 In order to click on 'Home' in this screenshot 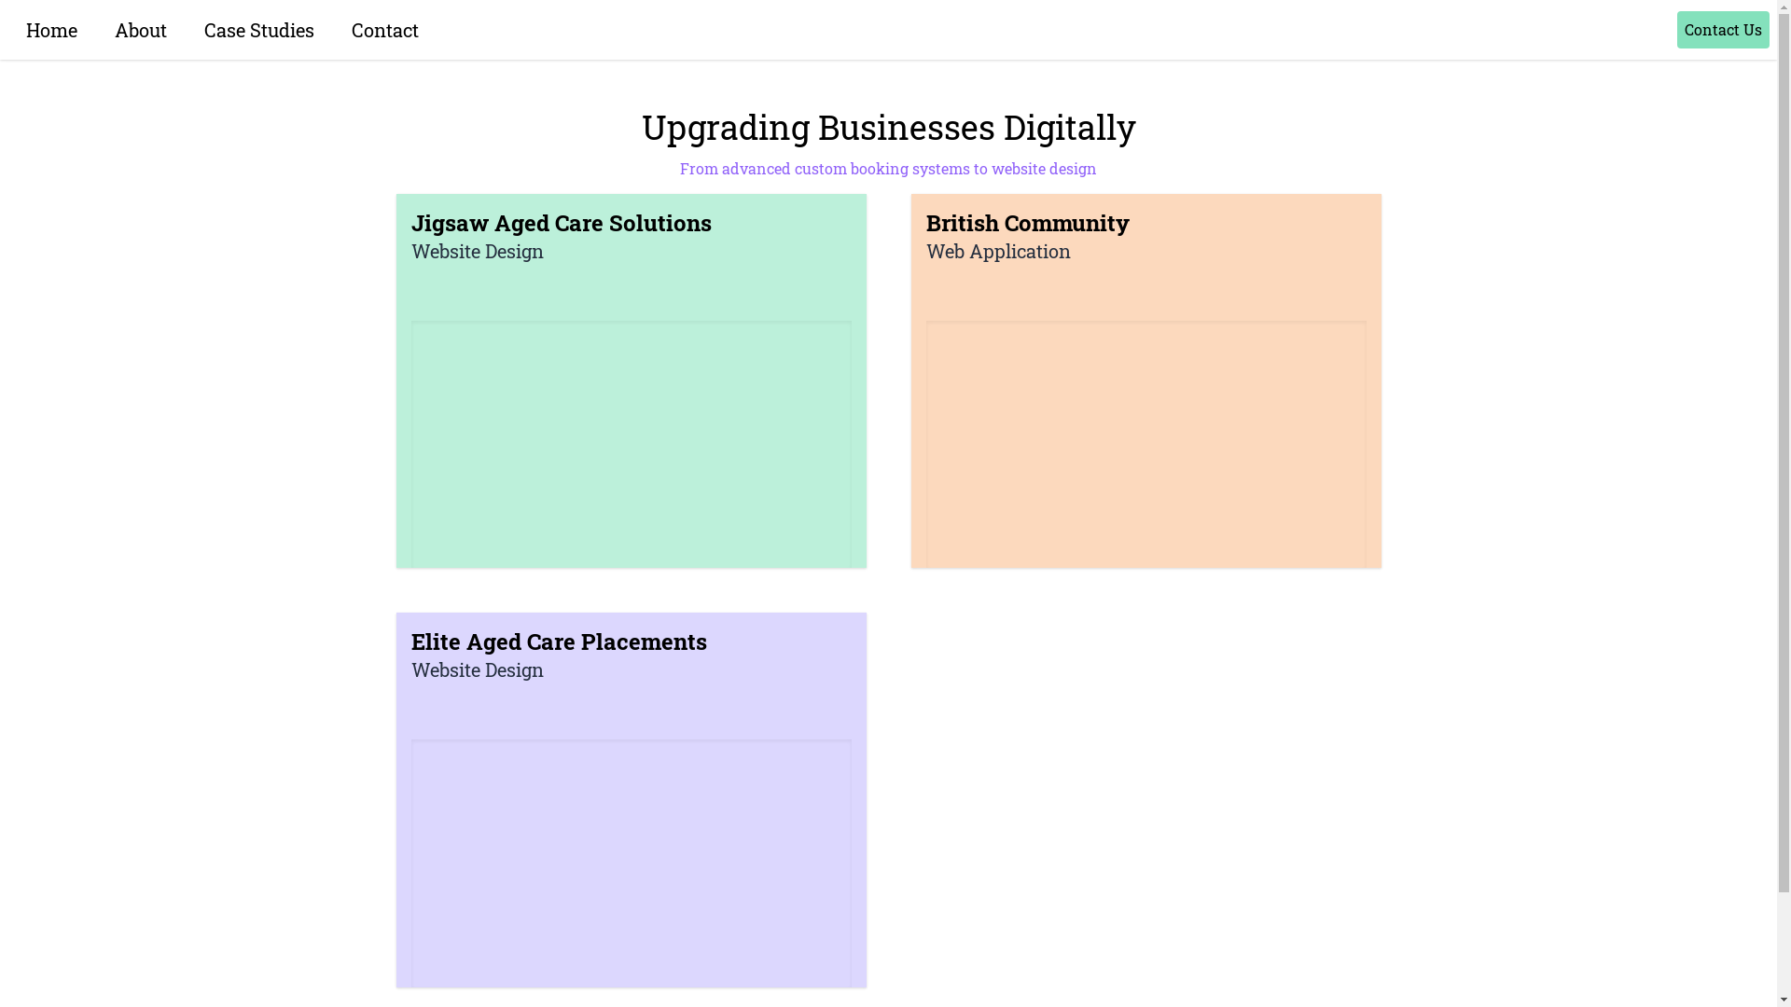, I will do `click(51, 29)`.